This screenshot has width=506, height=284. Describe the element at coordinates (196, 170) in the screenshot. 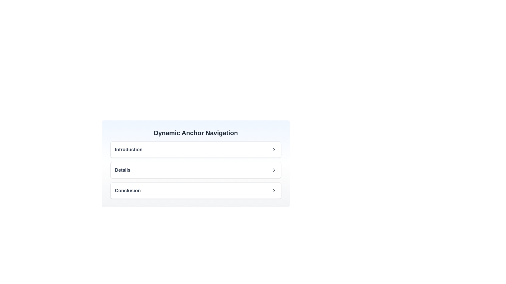

I see `the 'Details' button` at that location.